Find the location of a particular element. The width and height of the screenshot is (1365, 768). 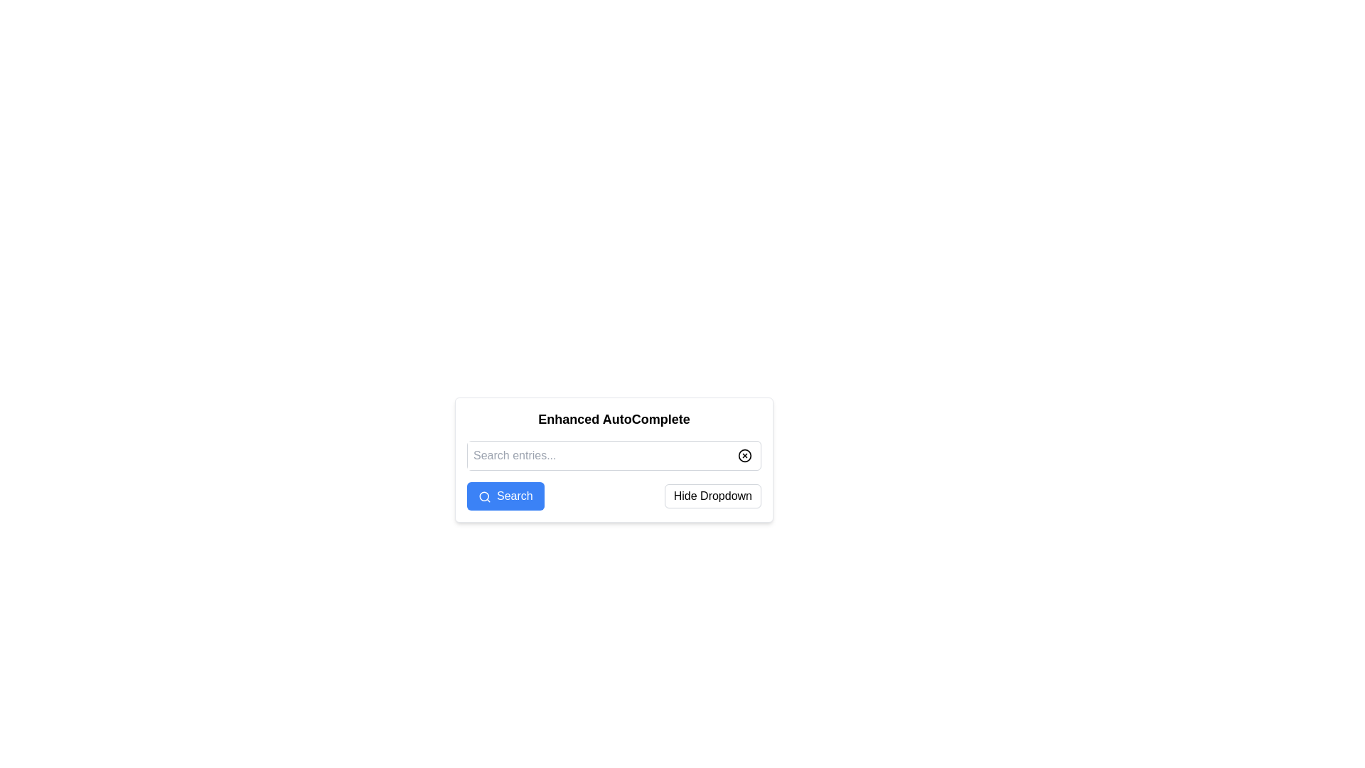

the magnifying glass SVG icon located on the left side of the 'Search' button in the lower part of the interface is located at coordinates (484, 496).